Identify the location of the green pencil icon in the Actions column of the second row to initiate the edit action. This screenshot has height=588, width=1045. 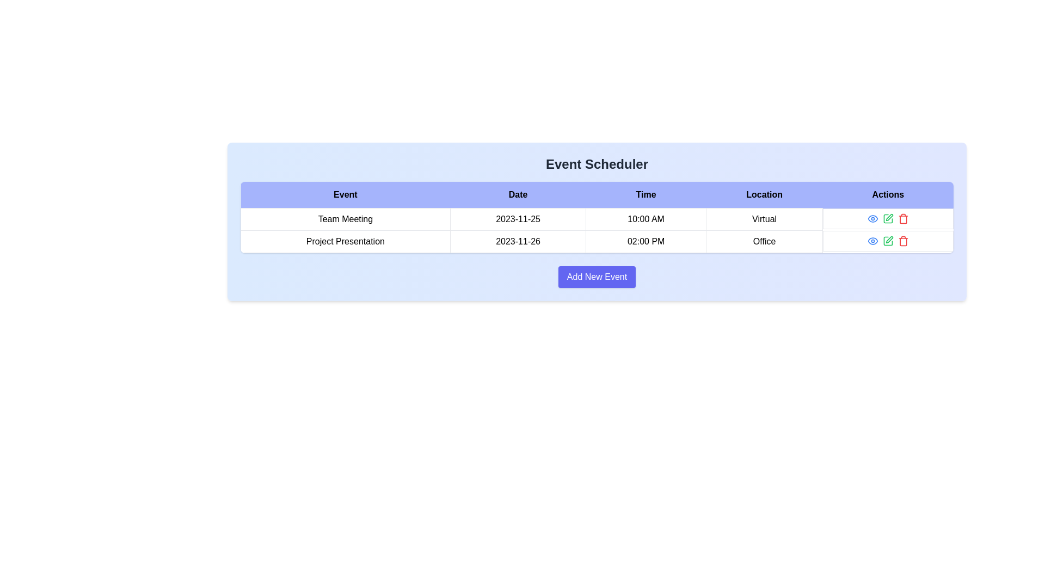
(888, 218).